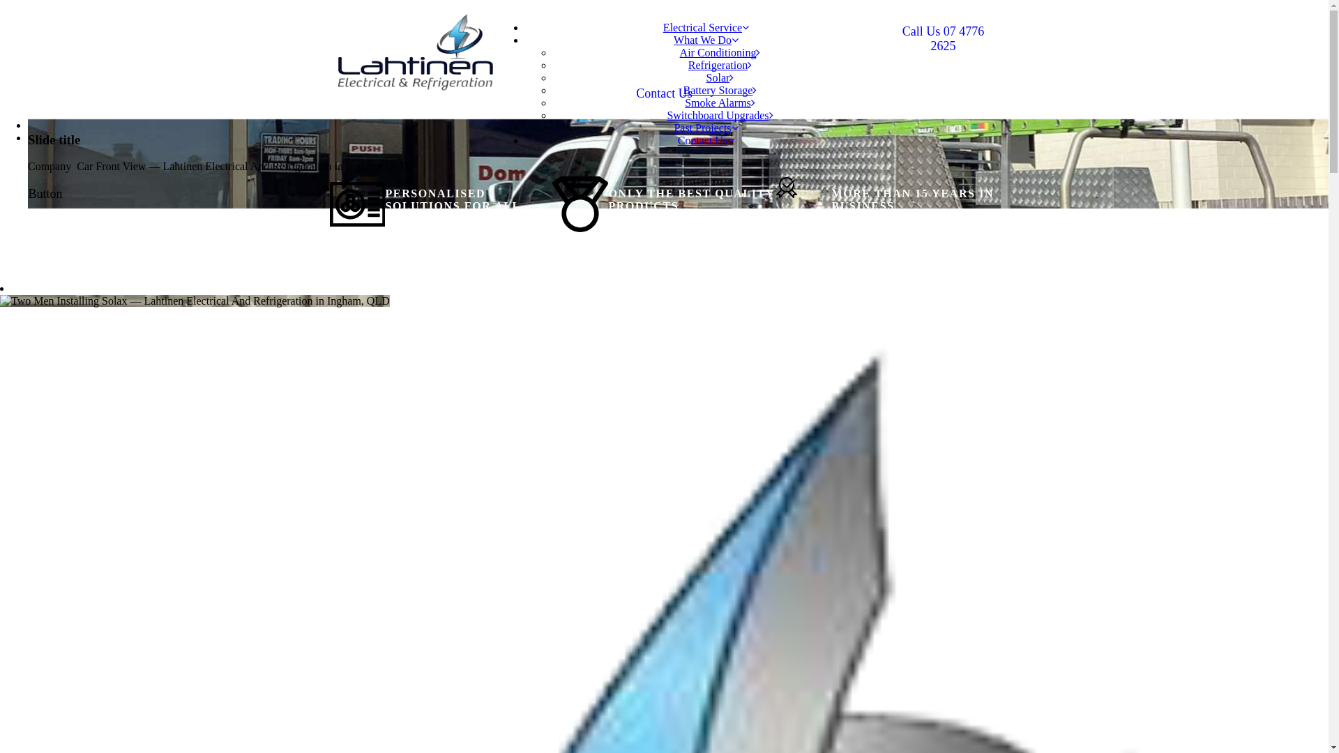 The height and width of the screenshot is (753, 1339). What do you see at coordinates (677, 140) in the screenshot?
I see `'Contact Us'` at bounding box center [677, 140].